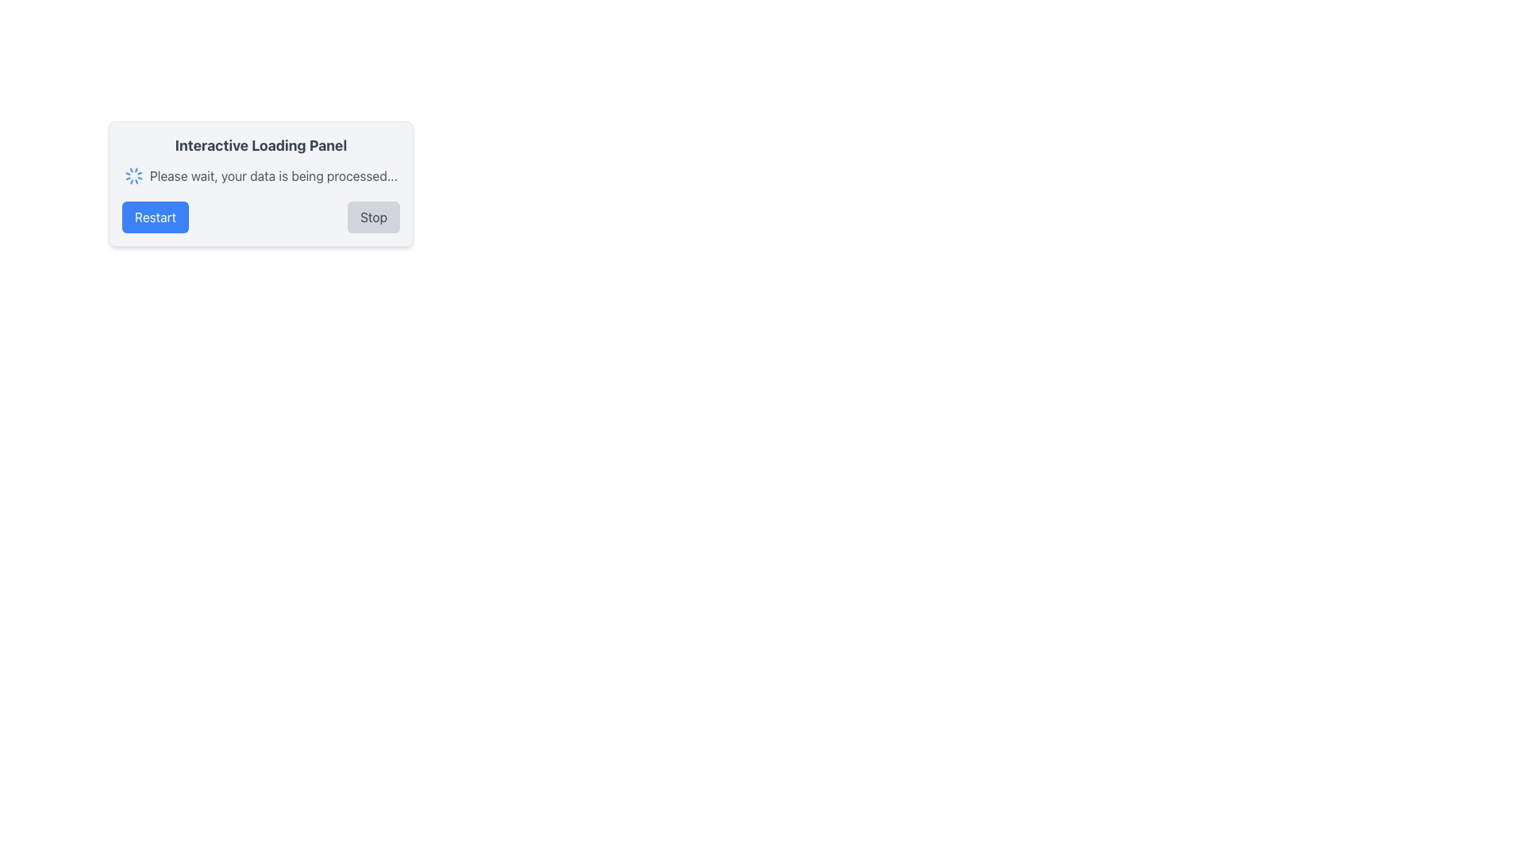  I want to click on the bold, large, dark gray text element labeled 'Interactive Loading Panel' at the top of the rectangular panel, so click(261, 146).